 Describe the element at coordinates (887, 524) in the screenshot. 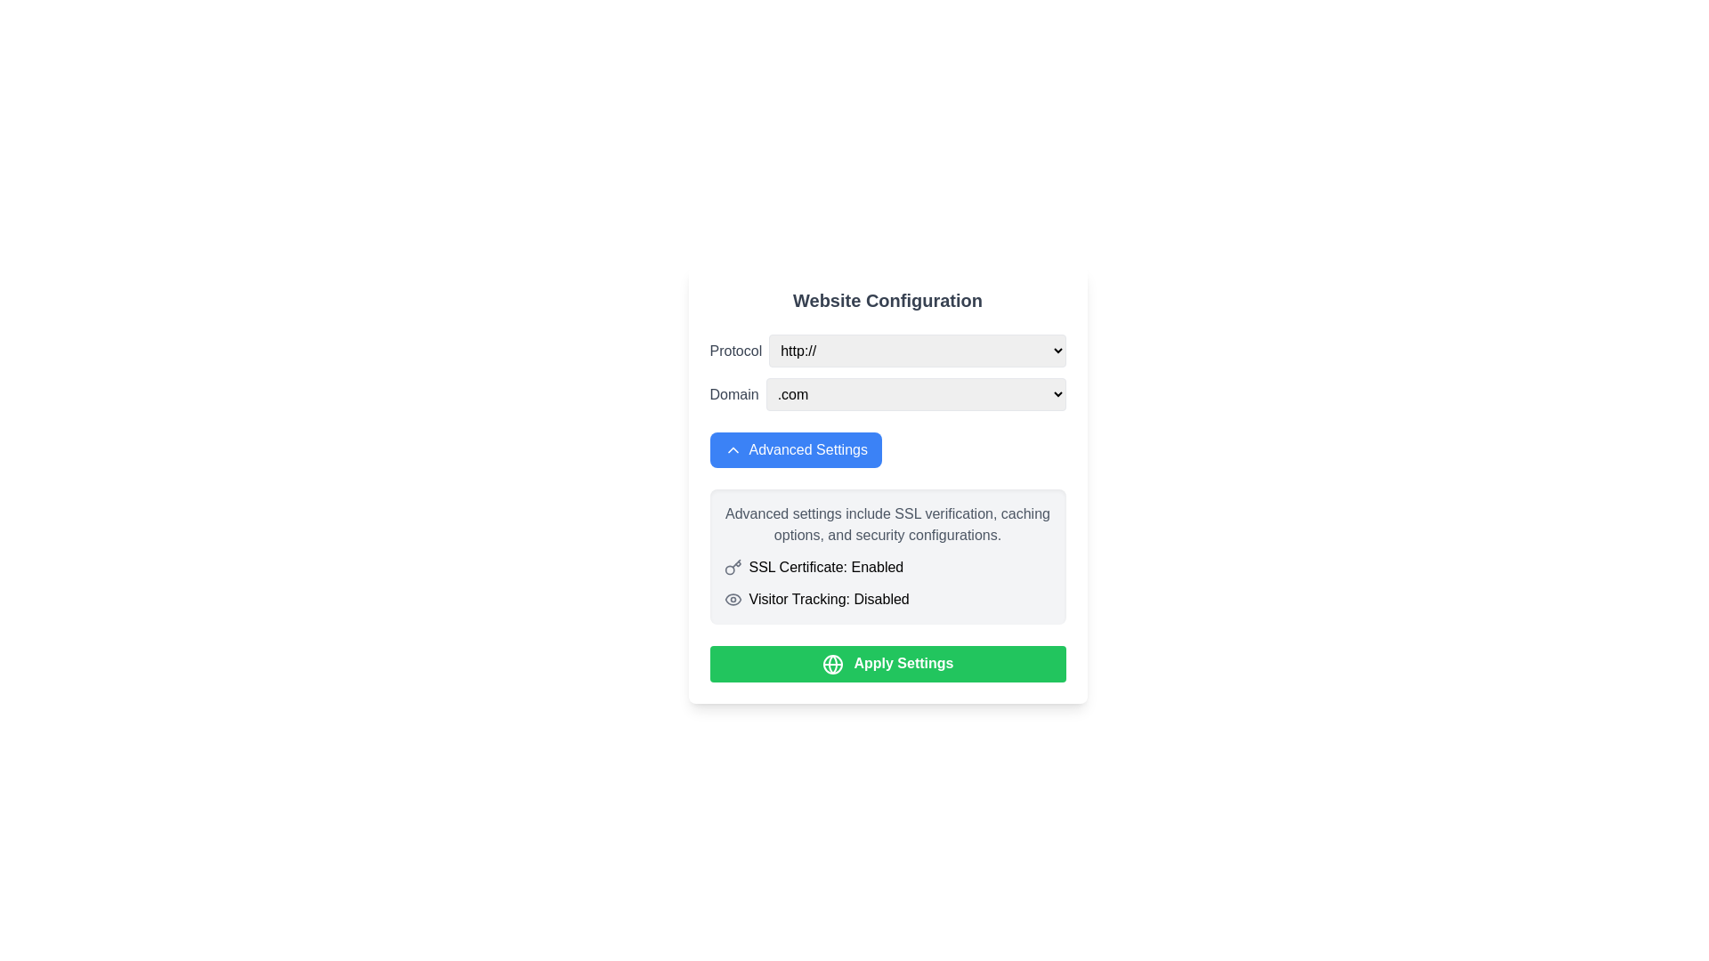

I see `the text block displaying 'Advanced settings include SSL verification, caching options, and security configurations.' which is located in a light gray rounded box just below the 'Advanced Settings' button` at that location.